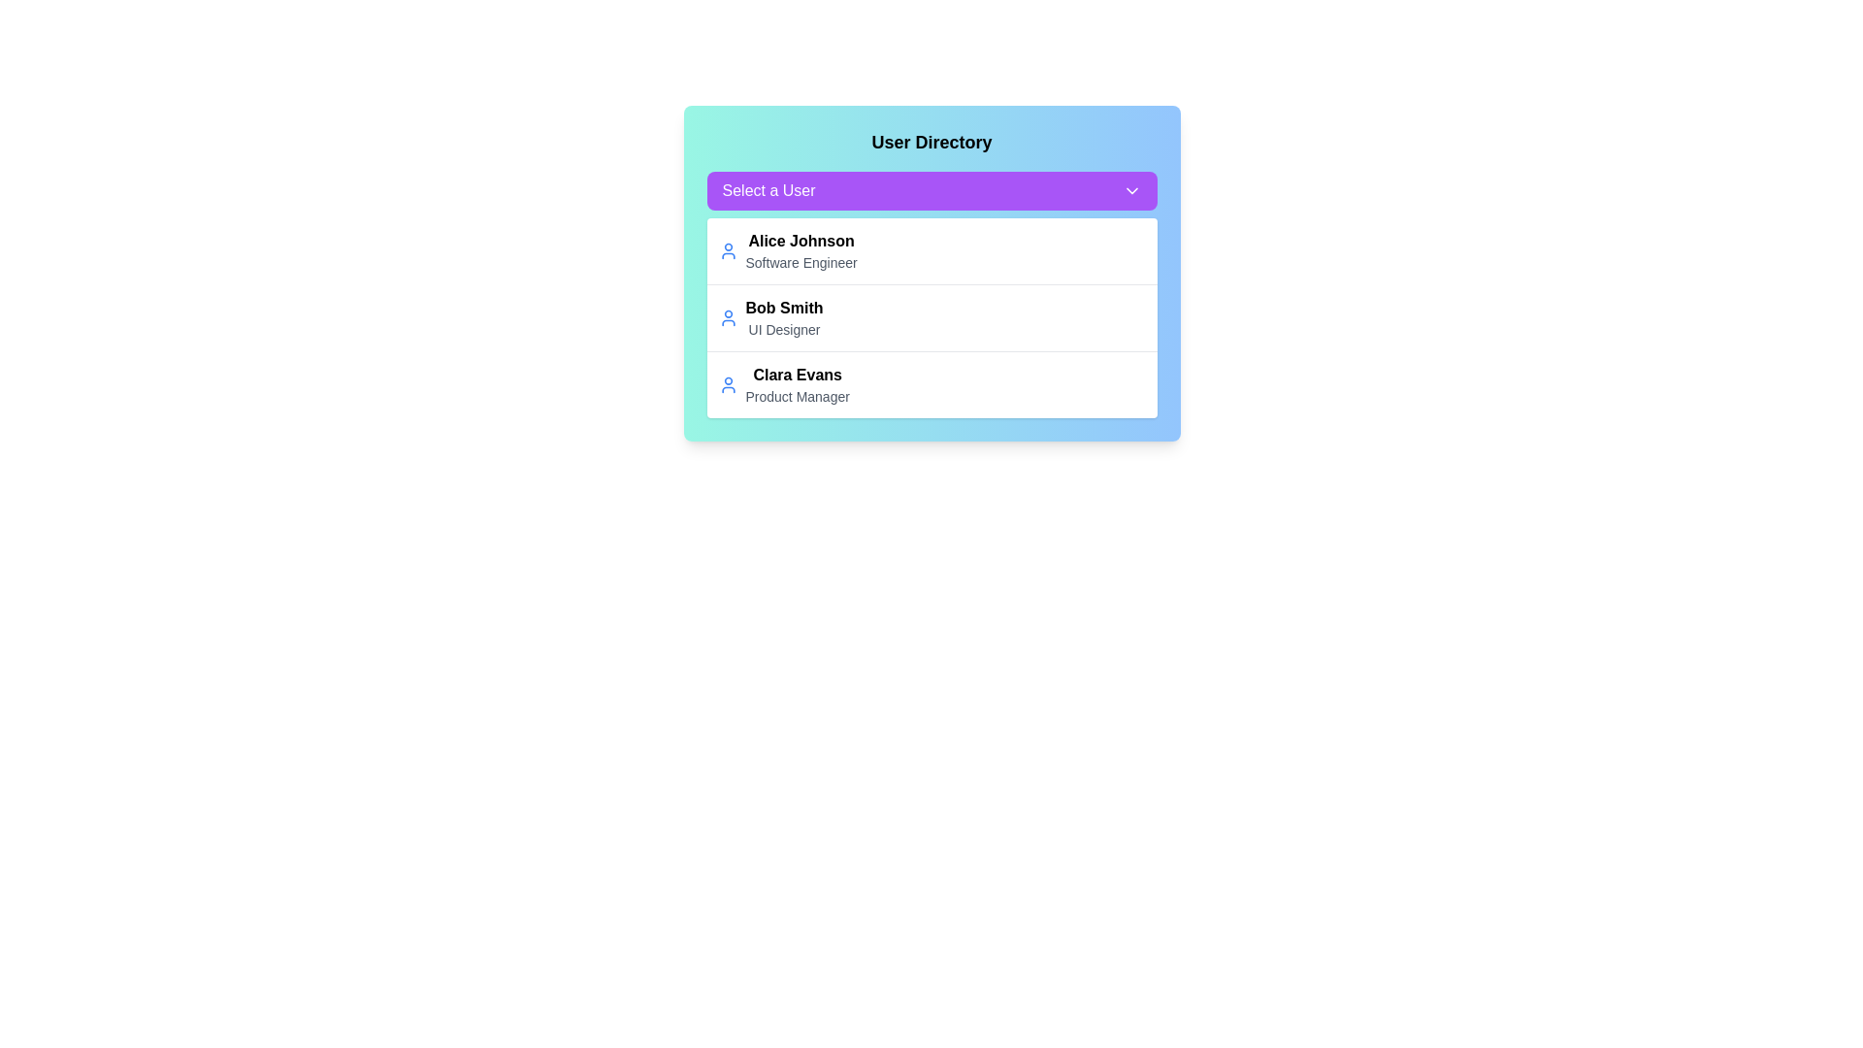 The height and width of the screenshot is (1048, 1863). What do you see at coordinates (727, 316) in the screenshot?
I see `the avatar icon representing user 'Bob Smith' located to the left of the text 'Bob Smith UI Designer' in the second user row of the user directory` at bounding box center [727, 316].